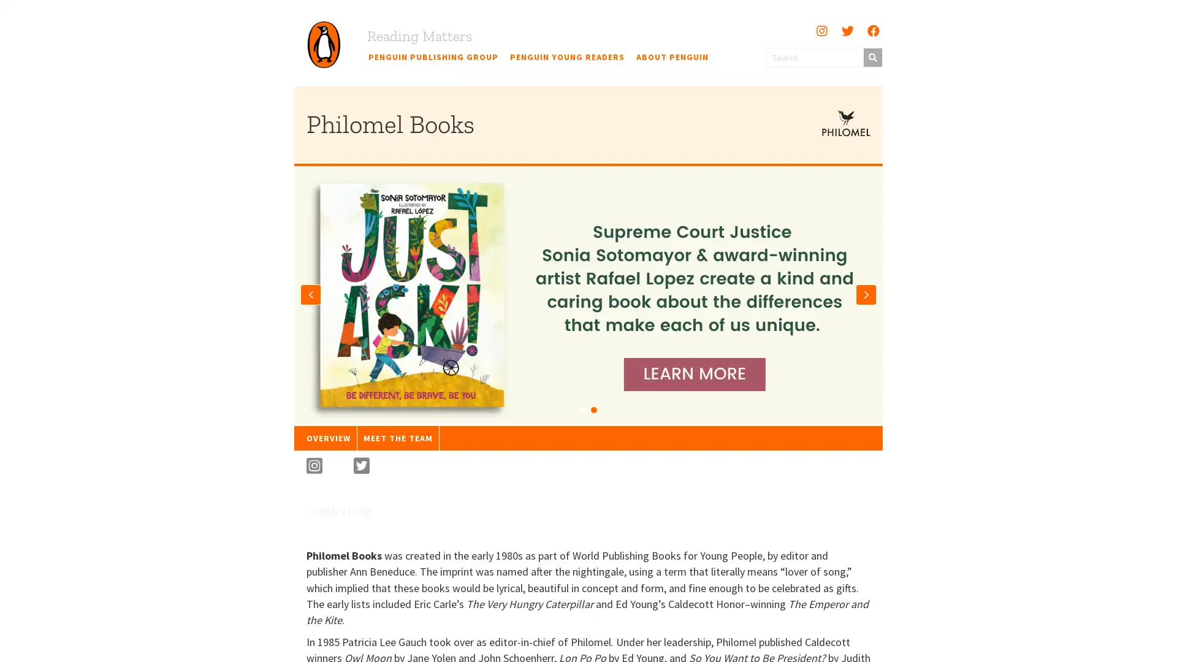  Describe the element at coordinates (865, 294) in the screenshot. I see `Next slide` at that location.